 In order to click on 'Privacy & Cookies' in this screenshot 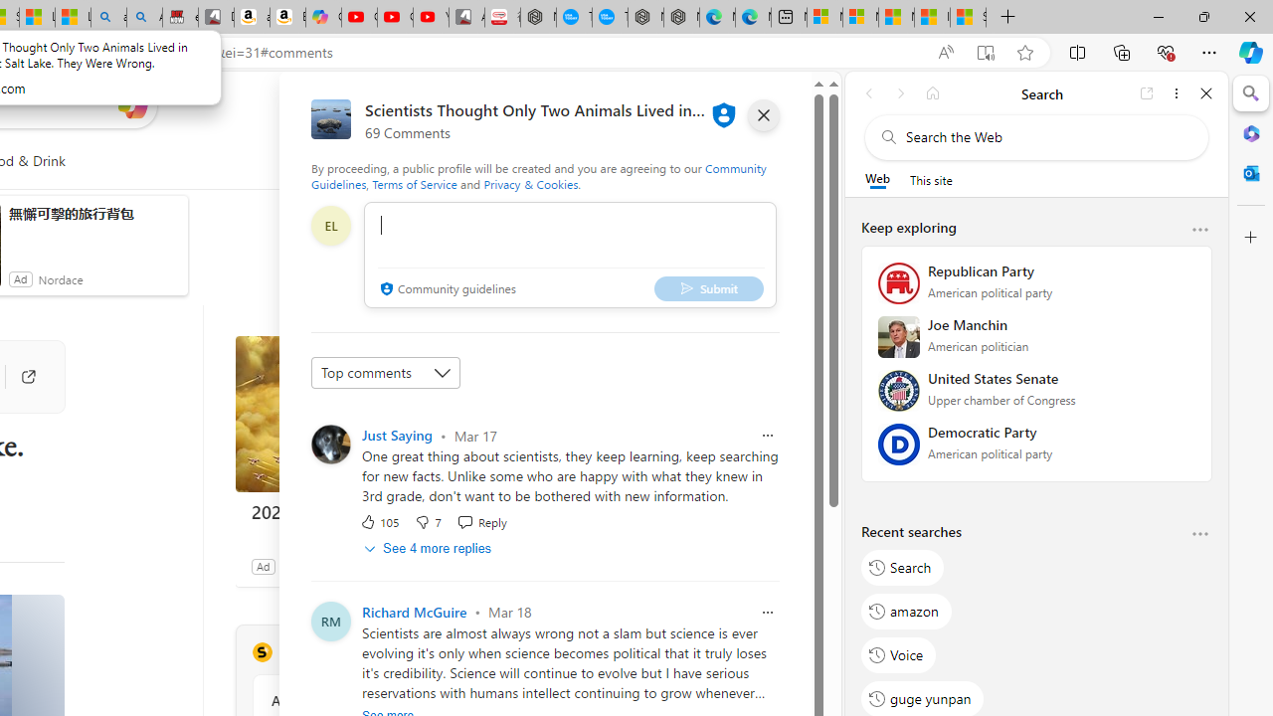, I will do `click(531, 184)`.